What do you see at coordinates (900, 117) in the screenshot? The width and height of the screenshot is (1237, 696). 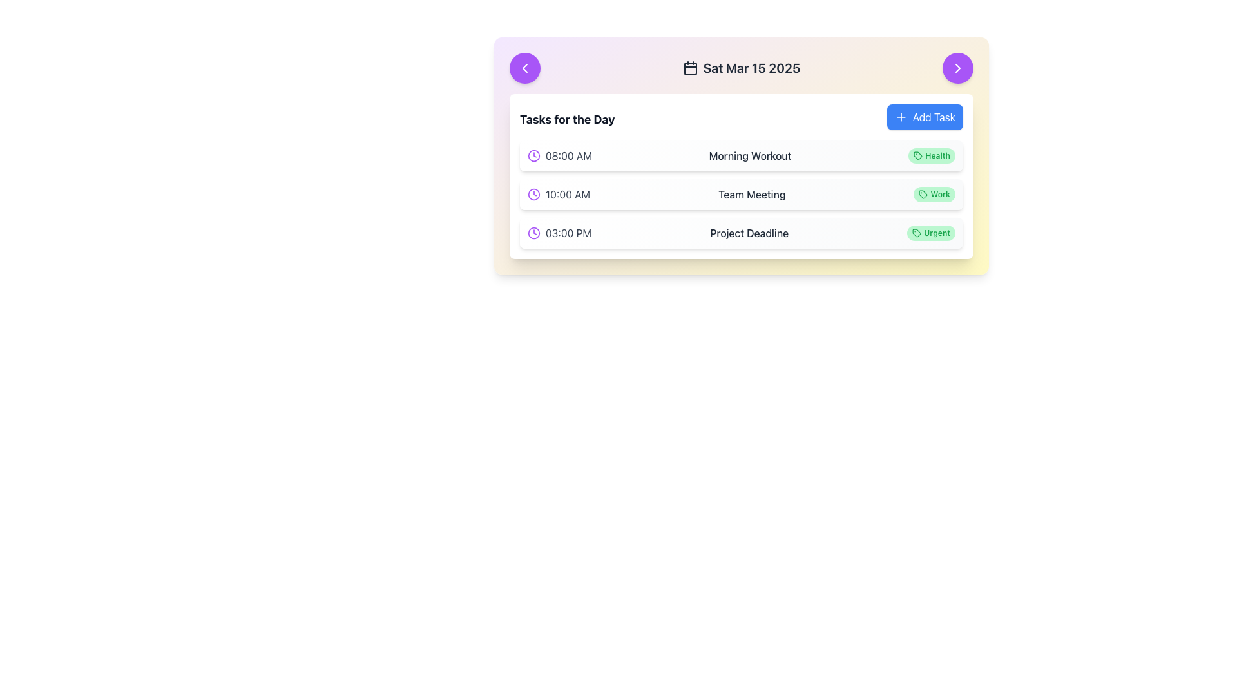 I see `the '+' icon located at the left edge of the blue 'Add Task' button in the top-right corner of the daily tasks card` at bounding box center [900, 117].